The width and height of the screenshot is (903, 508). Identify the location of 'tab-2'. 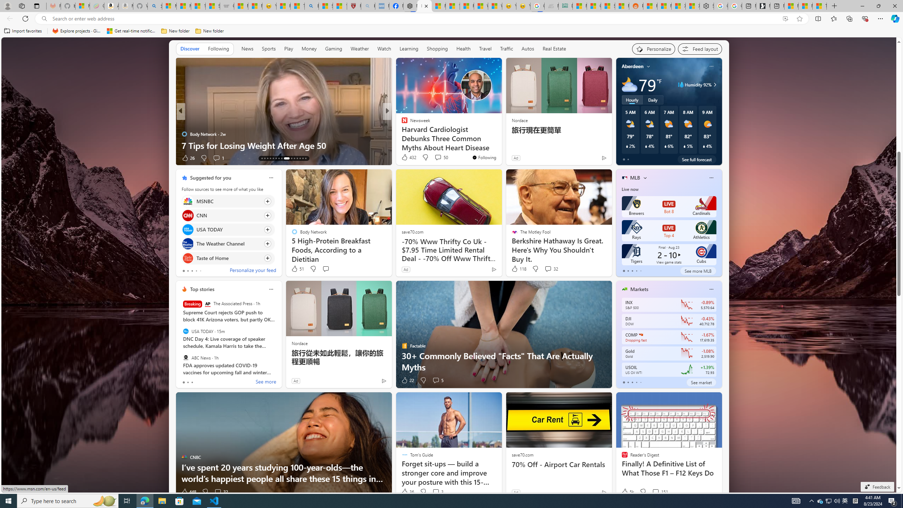
(632, 382).